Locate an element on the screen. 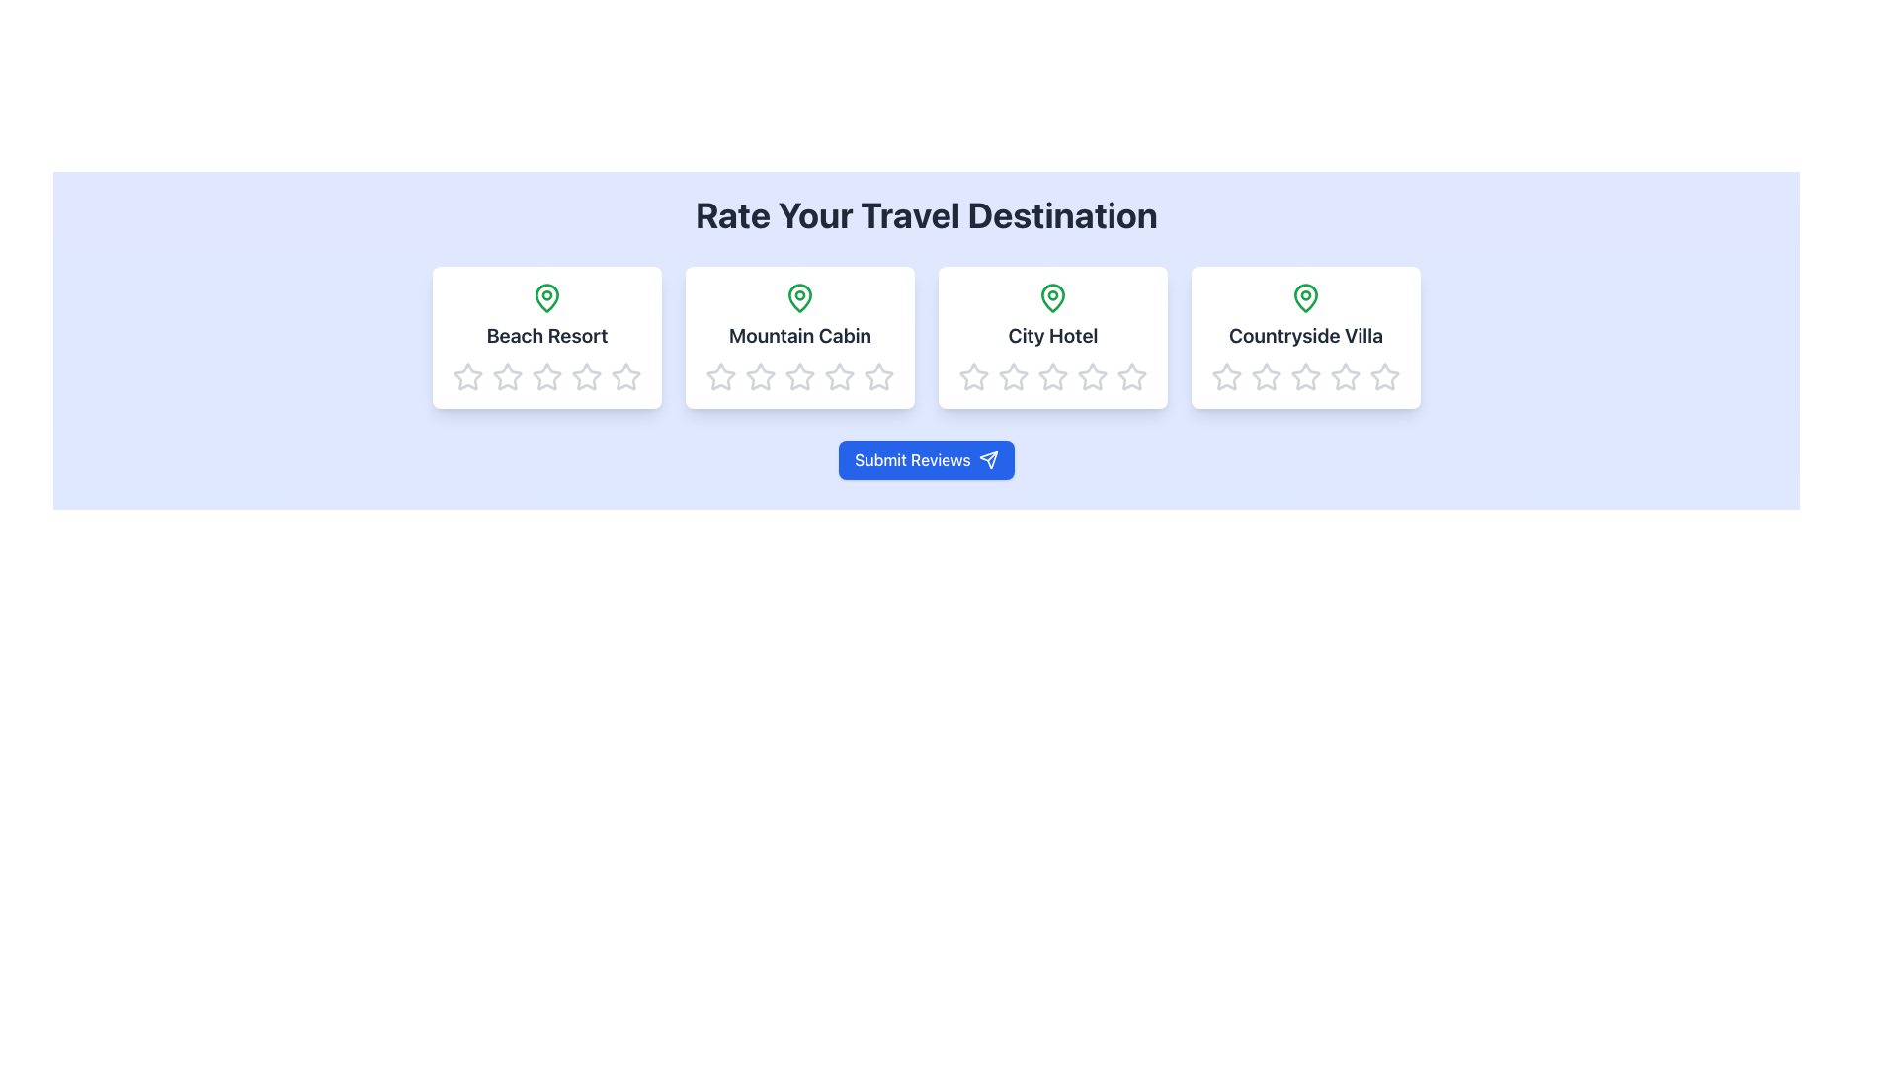 The width and height of the screenshot is (1897, 1067). the third star-shaped interactive icon in the rating component for the 'Mountain Cabin' to trigger a scale transformation is located at coordinates (759, 376).